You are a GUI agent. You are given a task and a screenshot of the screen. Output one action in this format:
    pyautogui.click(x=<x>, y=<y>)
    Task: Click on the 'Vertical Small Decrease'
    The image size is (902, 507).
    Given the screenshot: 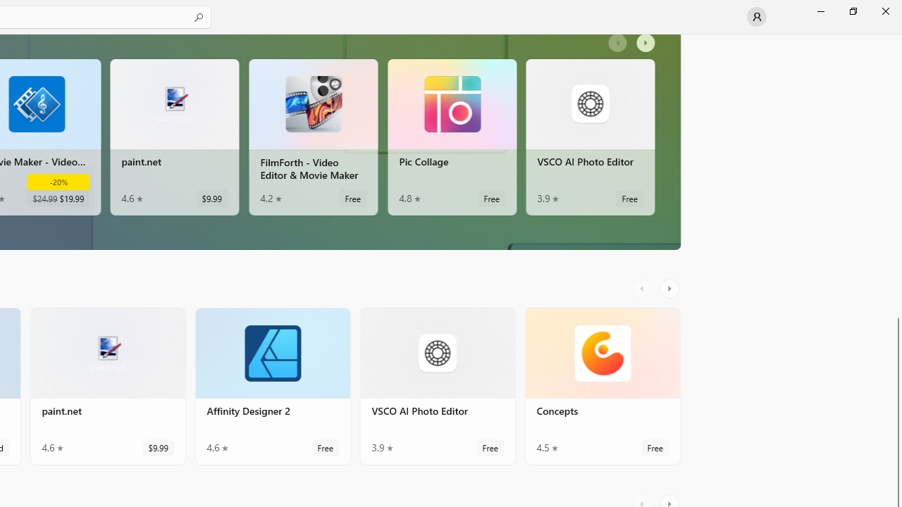 What is the action you would take?
    pyautogui.click(x=896, y=38)
    